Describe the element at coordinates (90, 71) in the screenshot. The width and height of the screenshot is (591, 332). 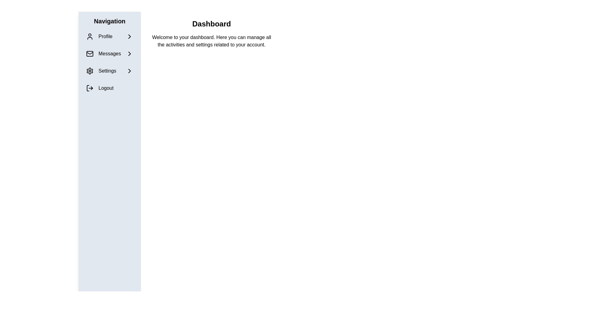
I see `the gear icon in the navigation menu` at that location.